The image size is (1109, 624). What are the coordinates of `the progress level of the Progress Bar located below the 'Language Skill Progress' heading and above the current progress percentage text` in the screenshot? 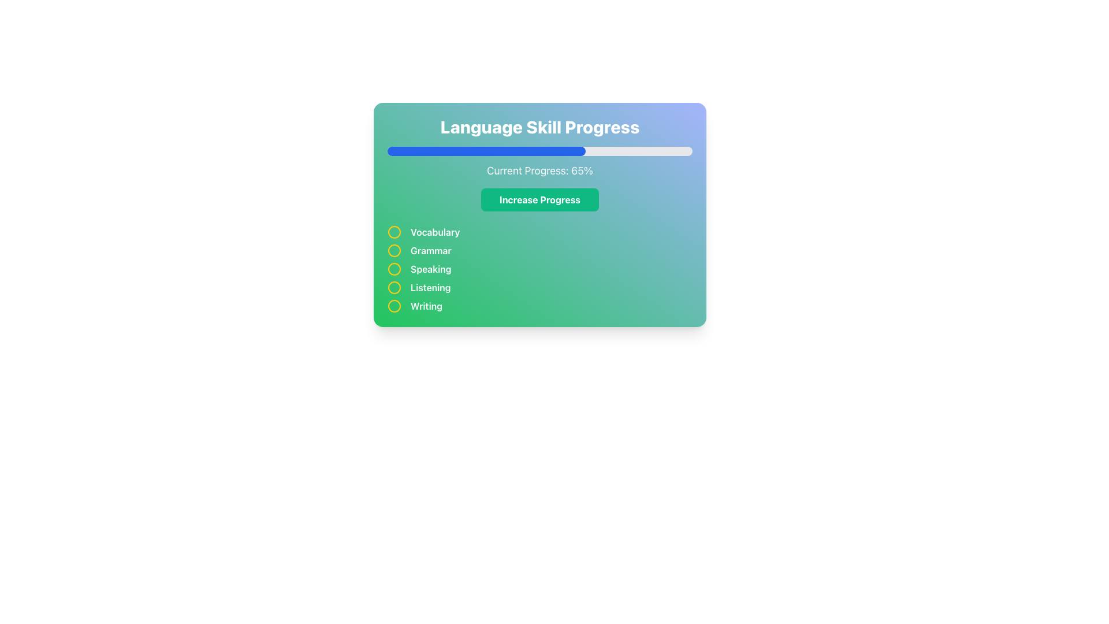 It's located at (539, 151).